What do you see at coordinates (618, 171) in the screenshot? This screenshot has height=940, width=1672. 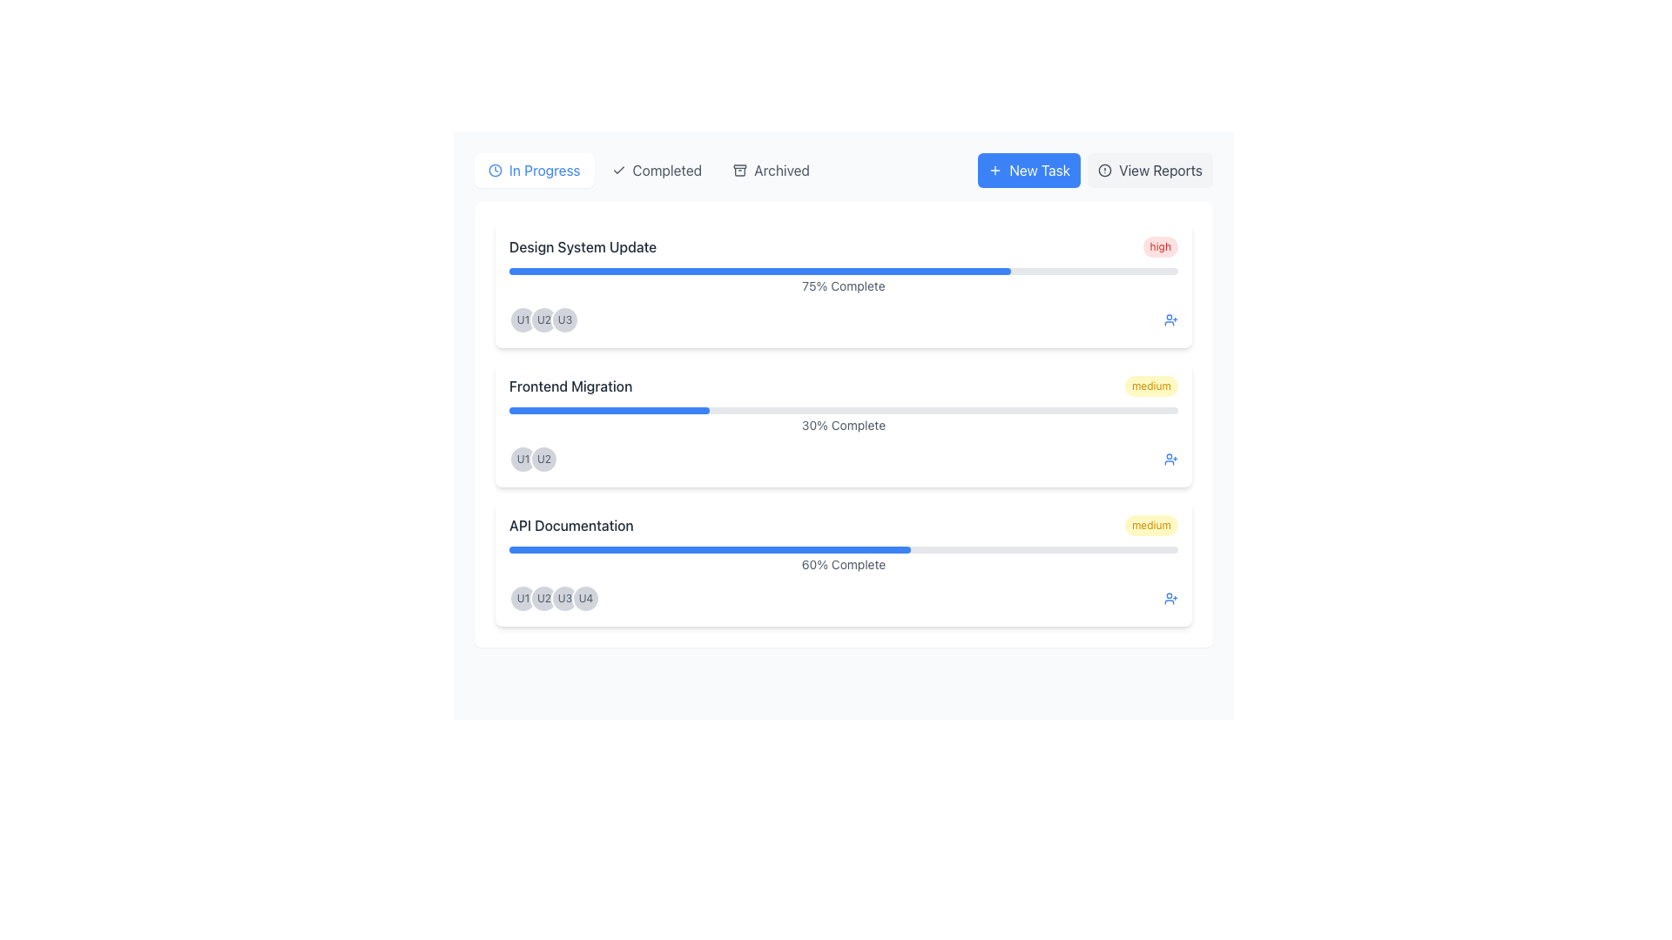 I see `the checkmark icon, which is a minimalistic graphic located before the text 'Completed' in the top navigation section of the application` at bounding box center [618, 171].